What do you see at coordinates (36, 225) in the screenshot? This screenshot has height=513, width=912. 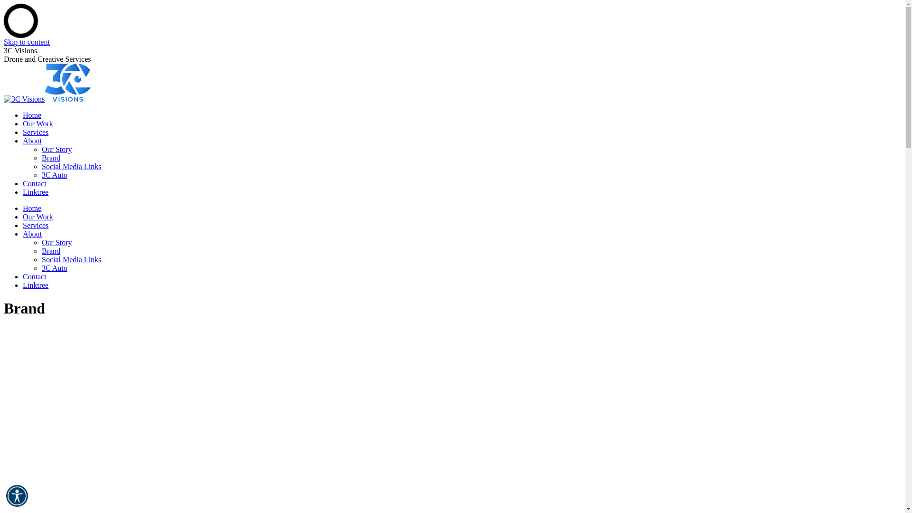 I see `'Services'` at bounding box center [36, 225].